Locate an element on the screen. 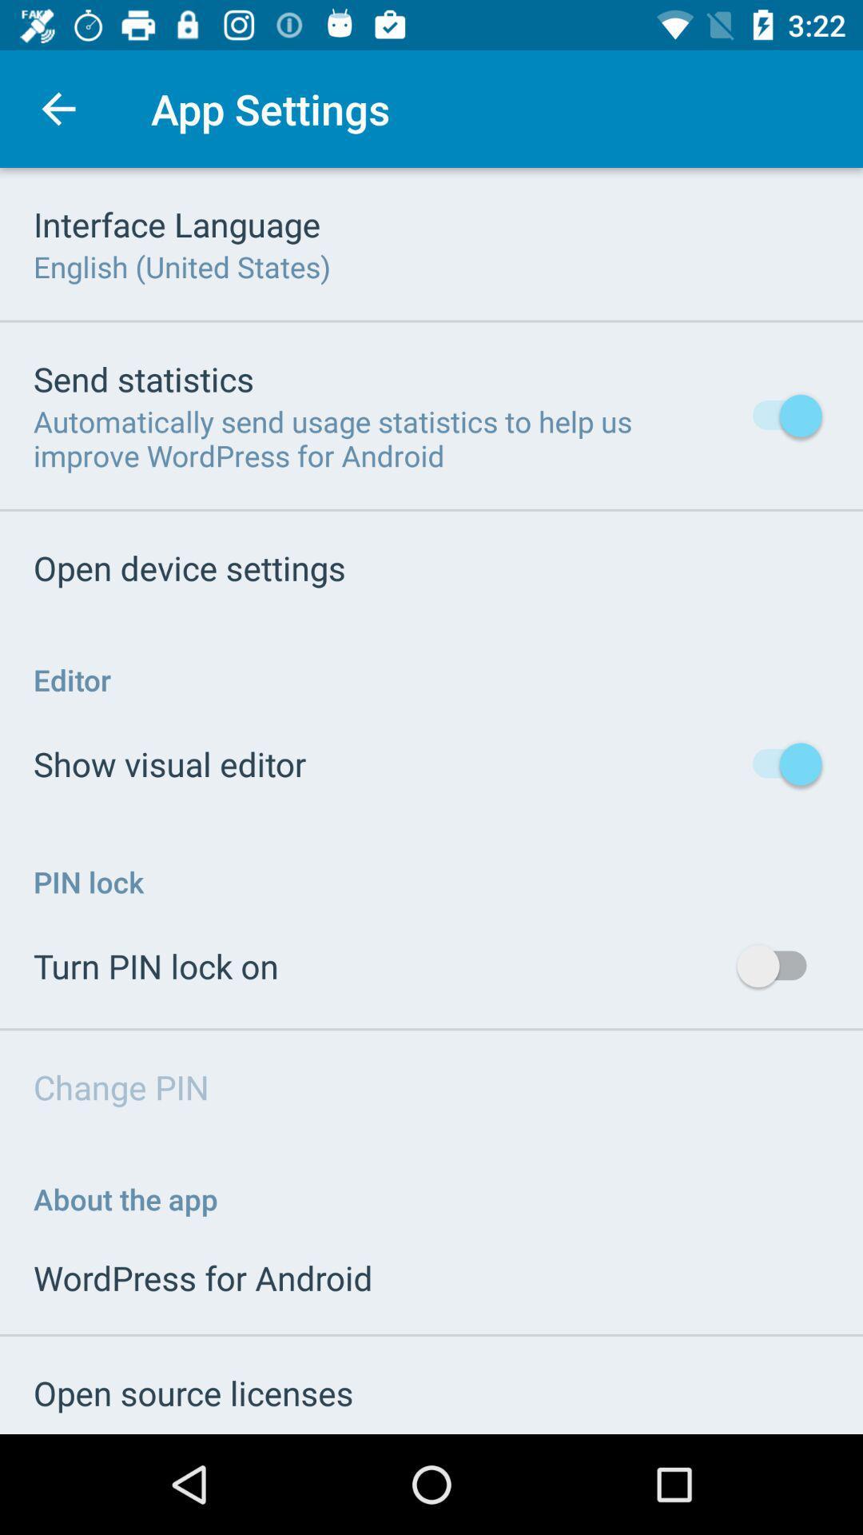  the icon at the center is located at coordinates (431, 801).